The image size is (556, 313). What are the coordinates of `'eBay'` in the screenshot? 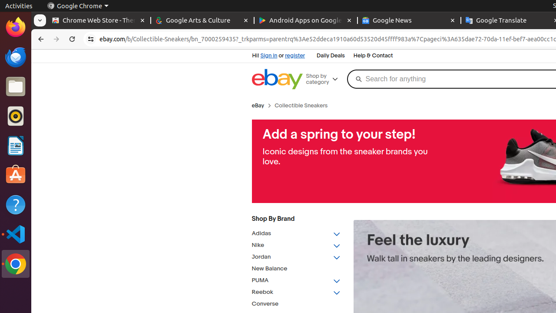 It's located at (258, 105).